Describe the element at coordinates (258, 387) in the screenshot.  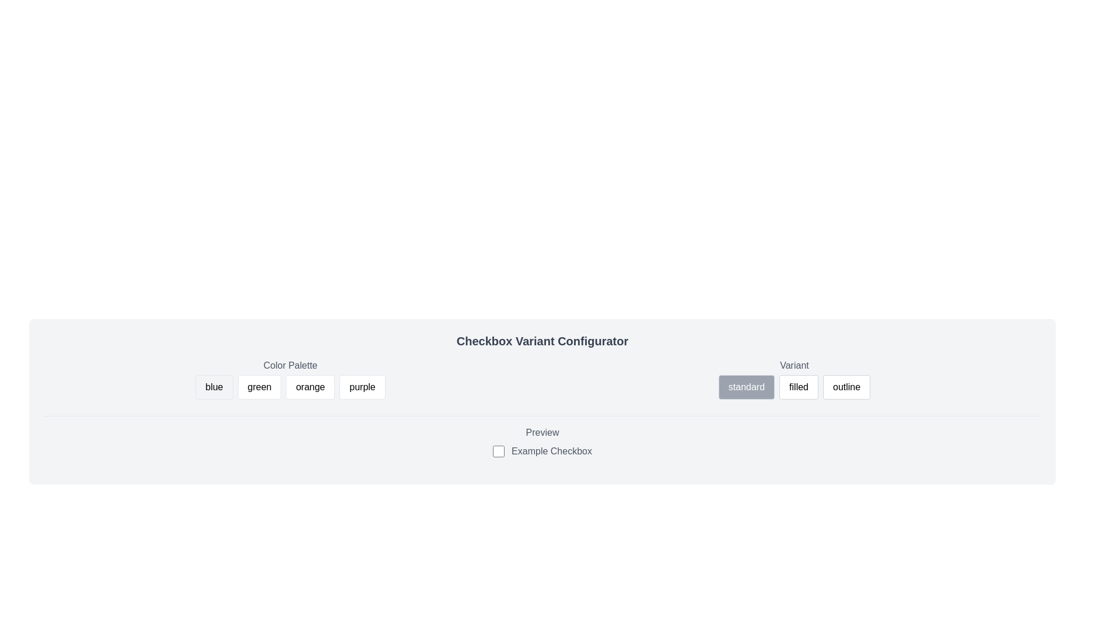
I see `the button that allows users` at that location.